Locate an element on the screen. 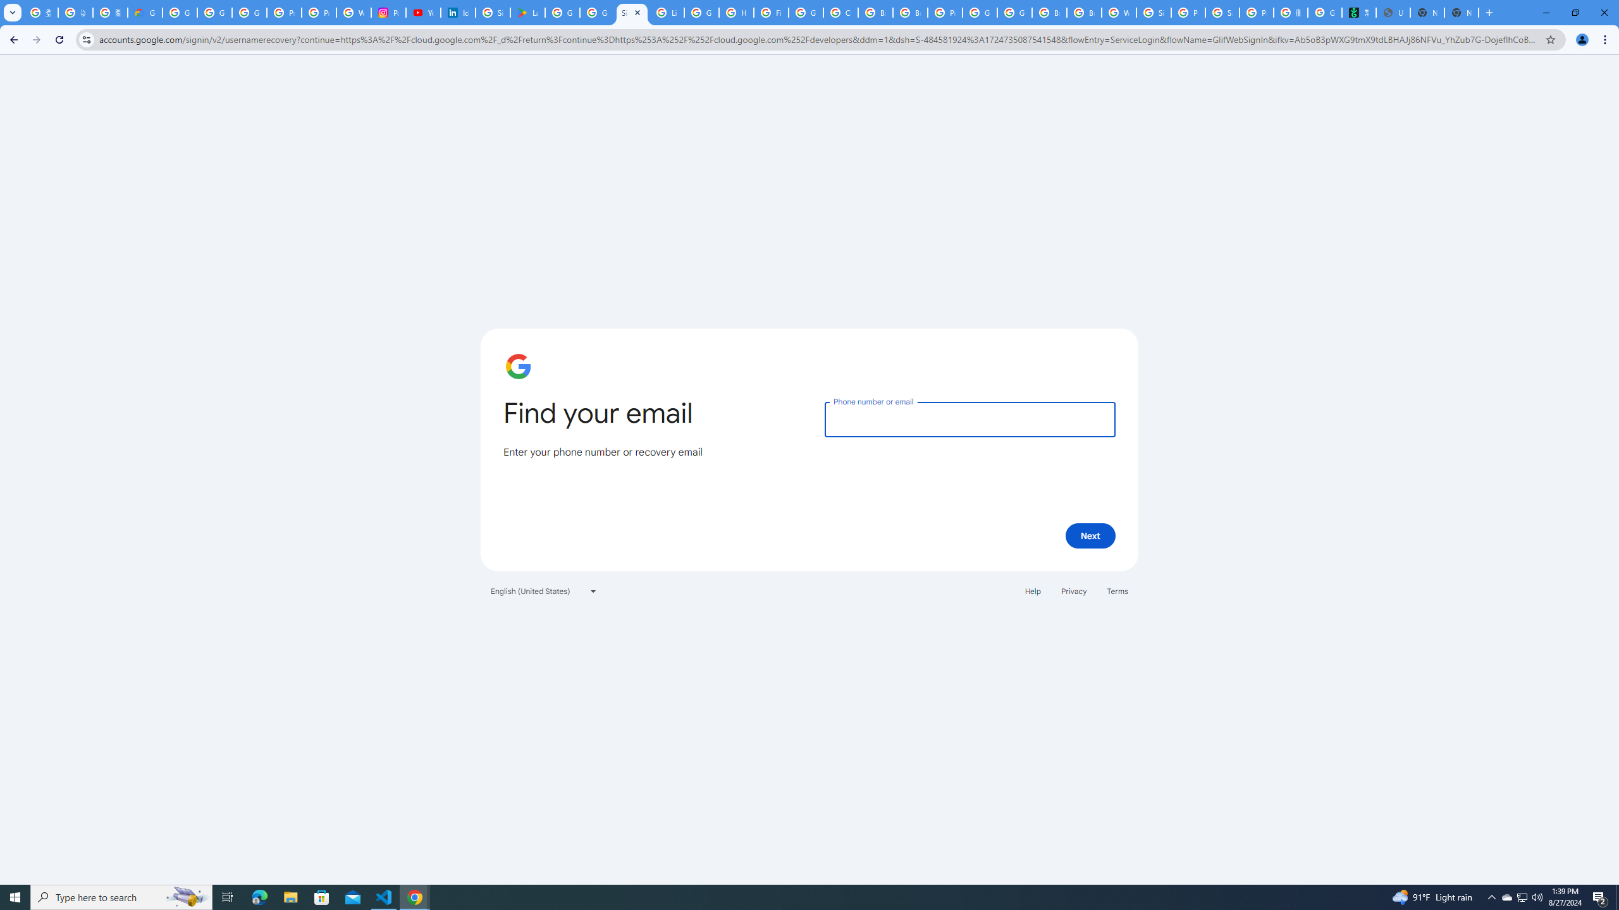  'Untitled' is located at coordinates (1392, 12).